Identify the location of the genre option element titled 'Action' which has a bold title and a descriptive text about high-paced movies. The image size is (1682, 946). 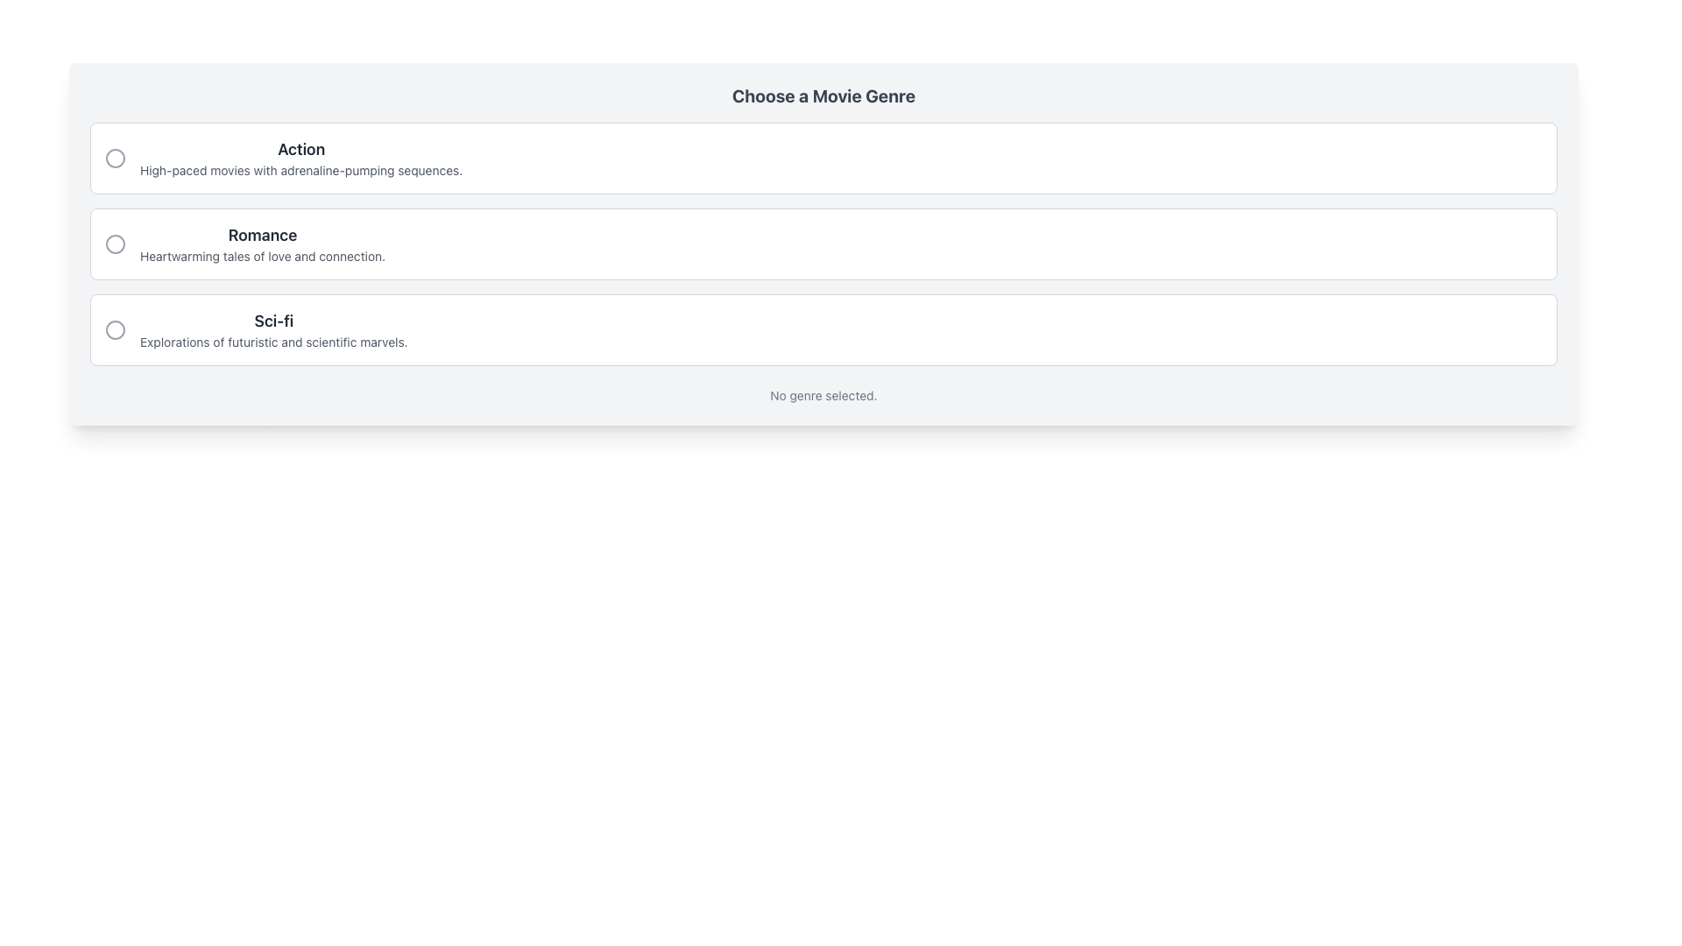
(301, 159).